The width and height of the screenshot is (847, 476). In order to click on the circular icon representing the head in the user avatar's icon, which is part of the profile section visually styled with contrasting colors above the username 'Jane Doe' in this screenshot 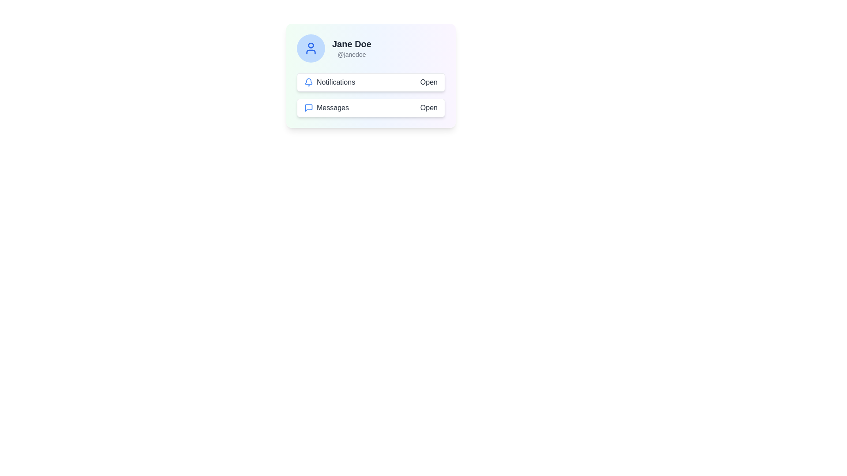, I will do `click(311, 45)`.